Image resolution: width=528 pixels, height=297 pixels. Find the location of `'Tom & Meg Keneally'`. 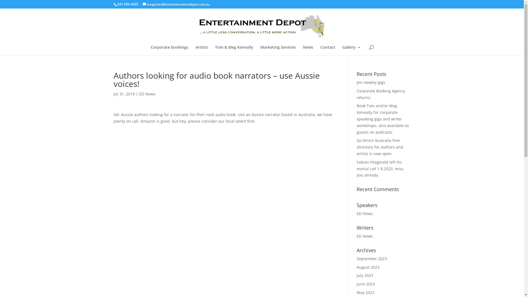

'Tom & Meg Keneally' is located at coordinates (234, 50).